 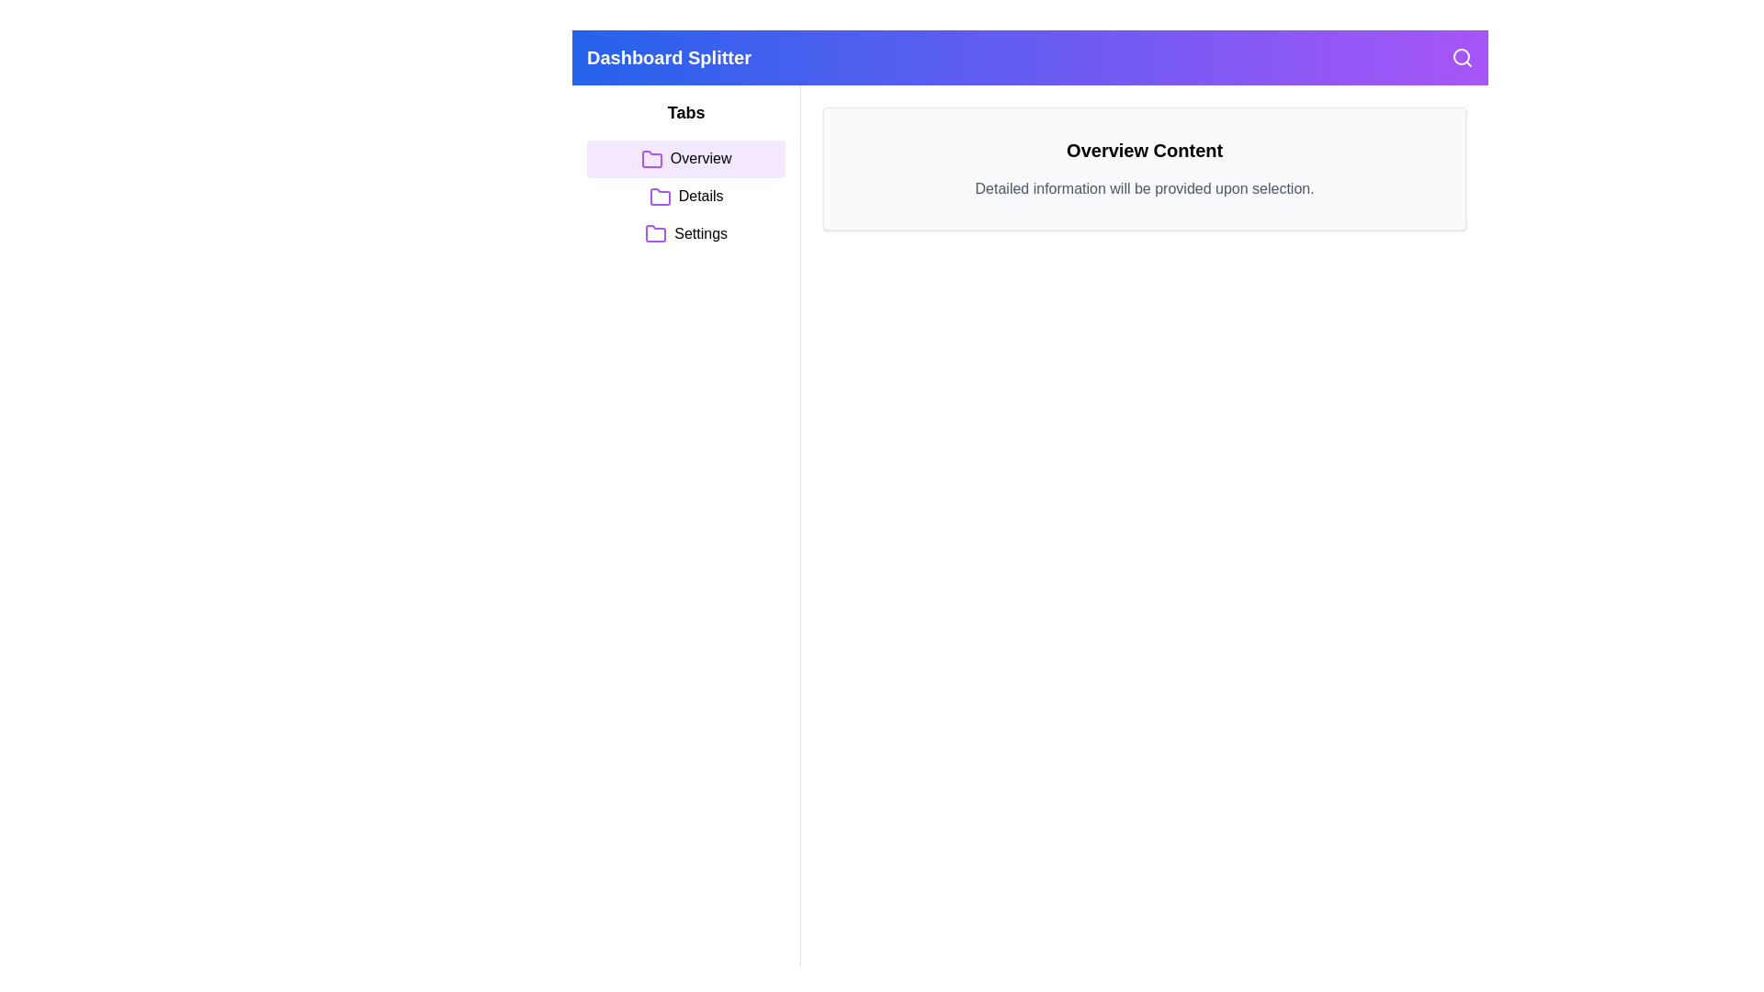 I want to click on the SVG icon that represents the 'Overview' section in the sidebar, which is located to the left of the text 'Overview' and has a light purple background, so click(x=651, y=158).